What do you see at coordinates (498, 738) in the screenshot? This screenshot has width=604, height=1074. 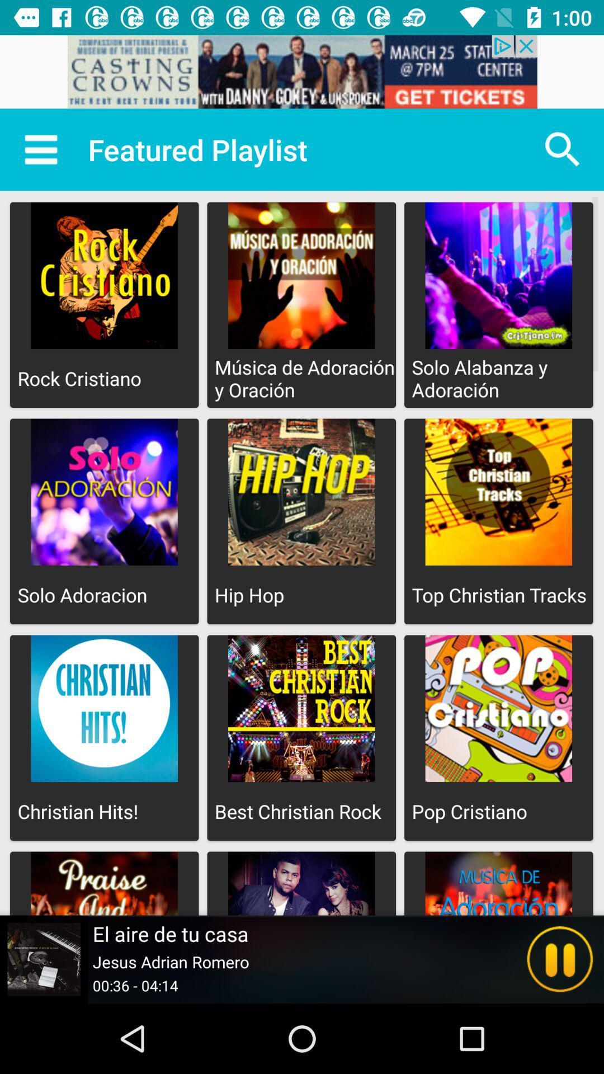 I see `the option below the top christian tracks` at bounding box center [498, 738].